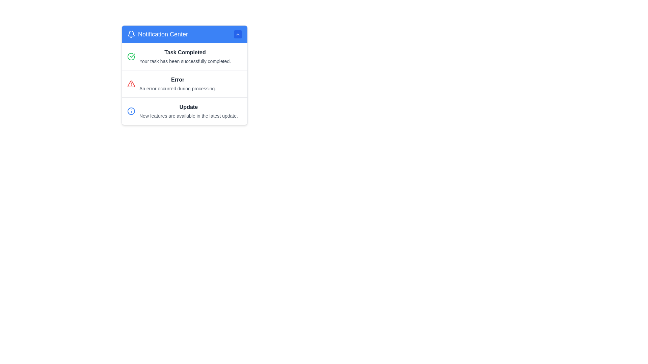  Describe the element at coordinates (131, 33) in the screenshot. I see `the bell icon that symbolizes the notification feature, located at the top-left of the header, to the left of the 'Notification Center' title` at that location.